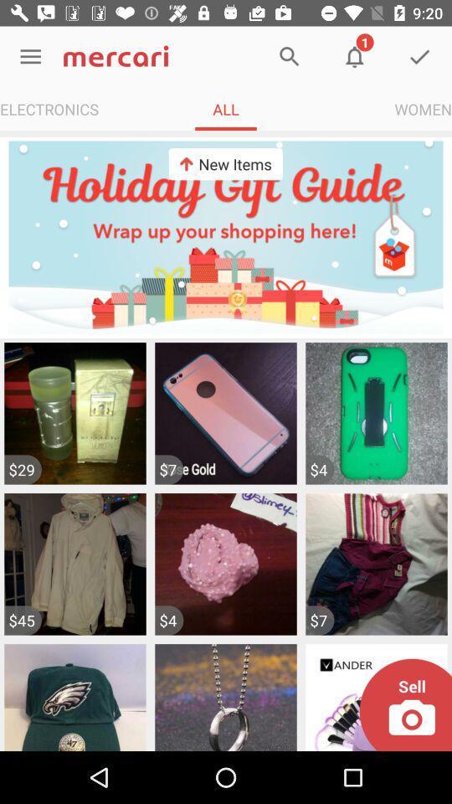  What do you see at coordinates (422, 108) in the screenshot?
I see `the women app` at bounding box center [422, 108].